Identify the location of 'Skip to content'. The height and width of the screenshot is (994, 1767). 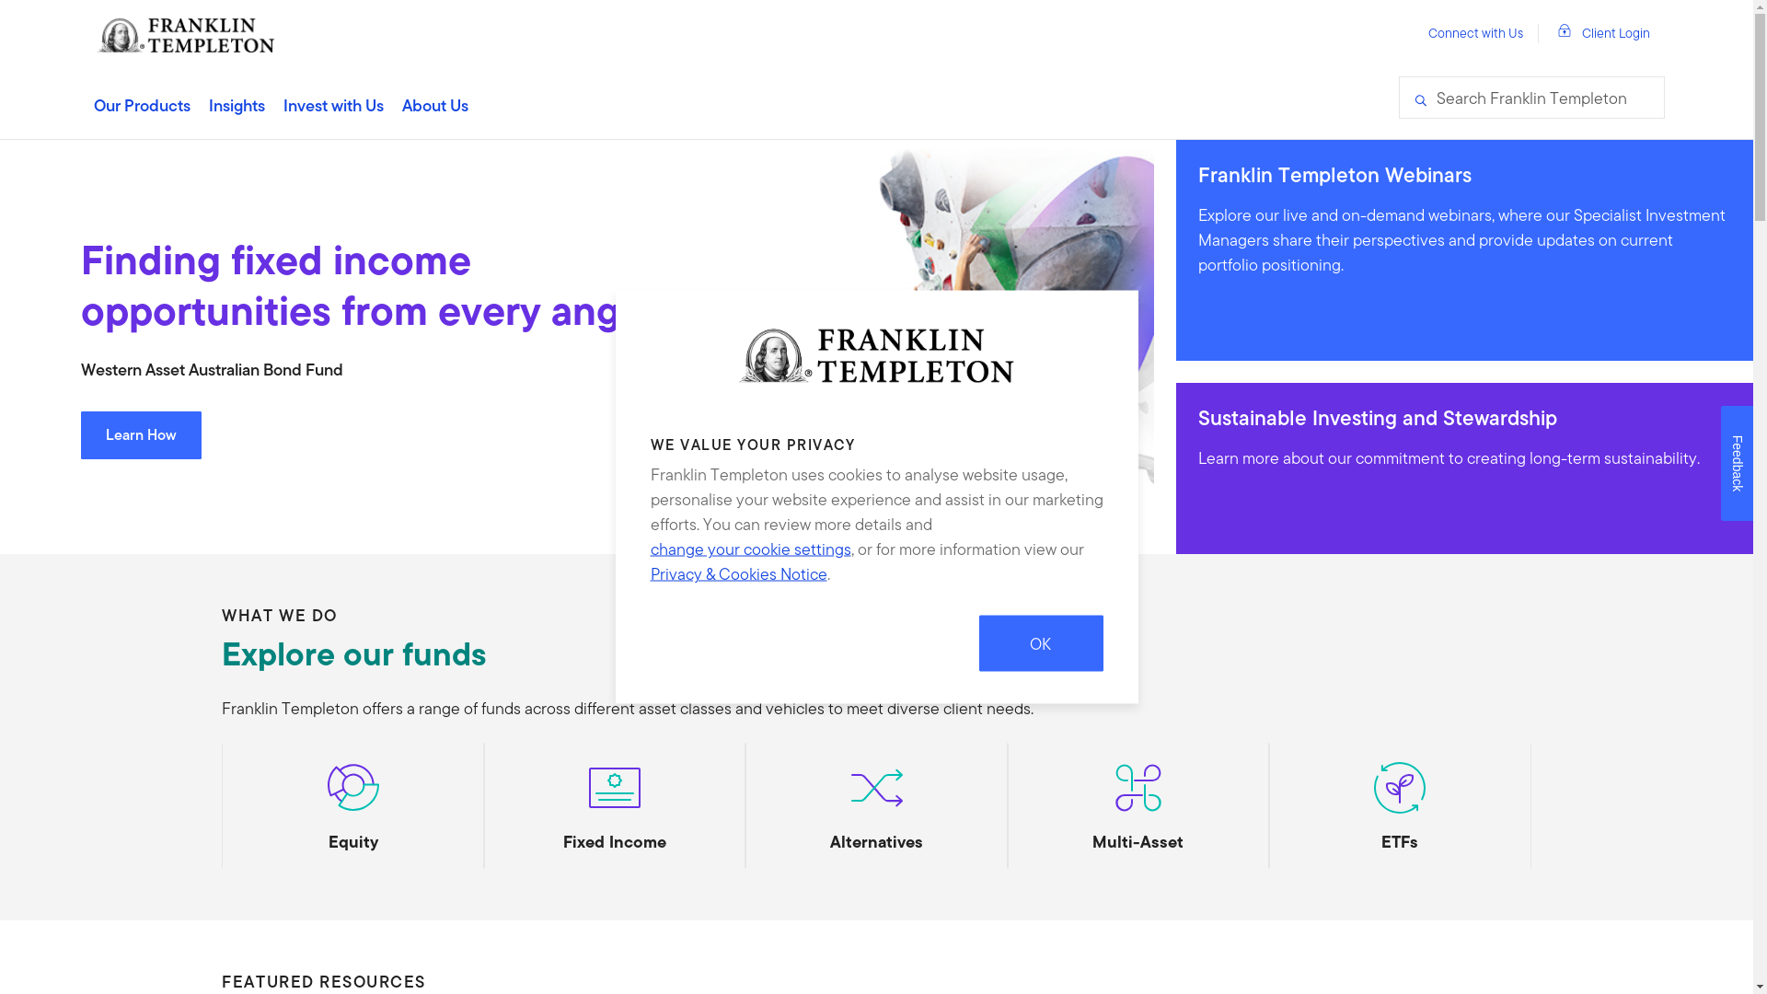
(0, 0).